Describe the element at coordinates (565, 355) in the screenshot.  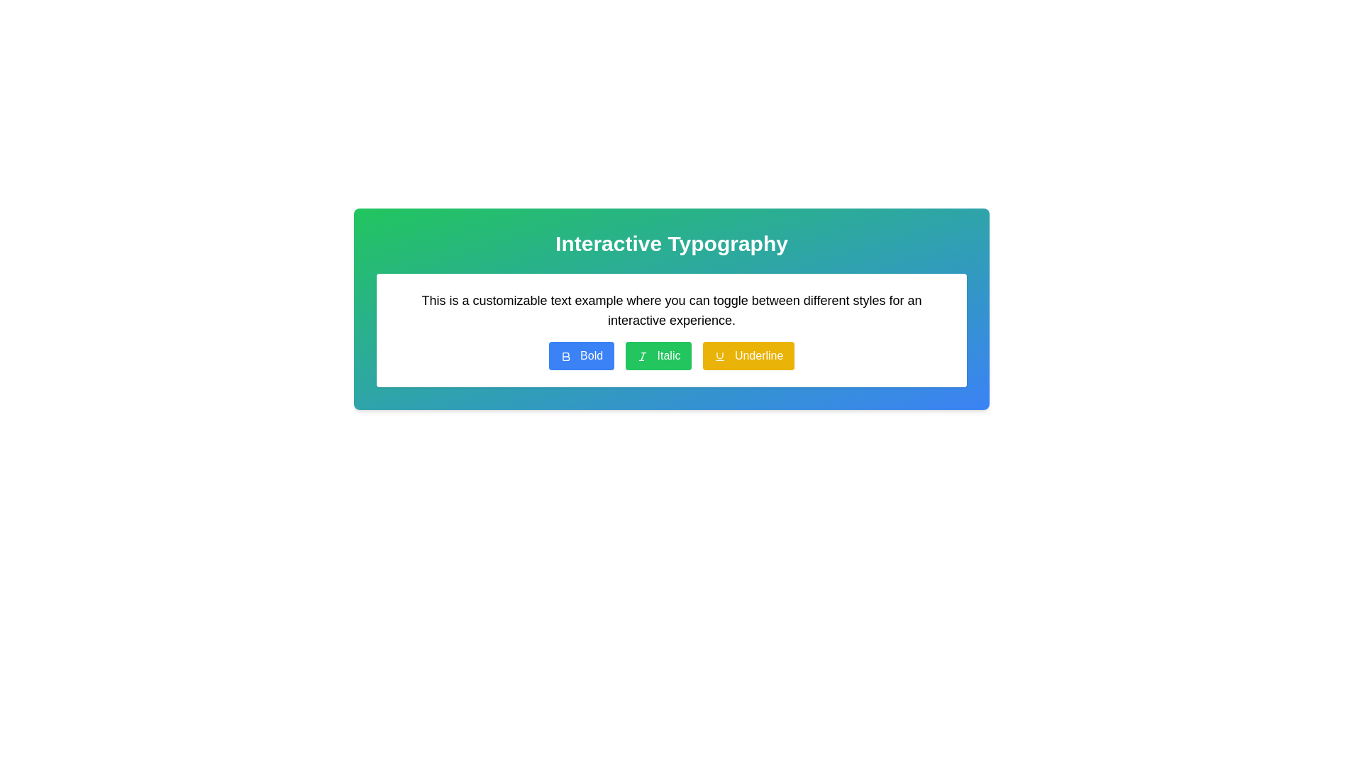
I see `the rendered appearance of the bold text formatting icon located in the toolbar, positioned immediately to the left of the 'Bold' text button` at that location.